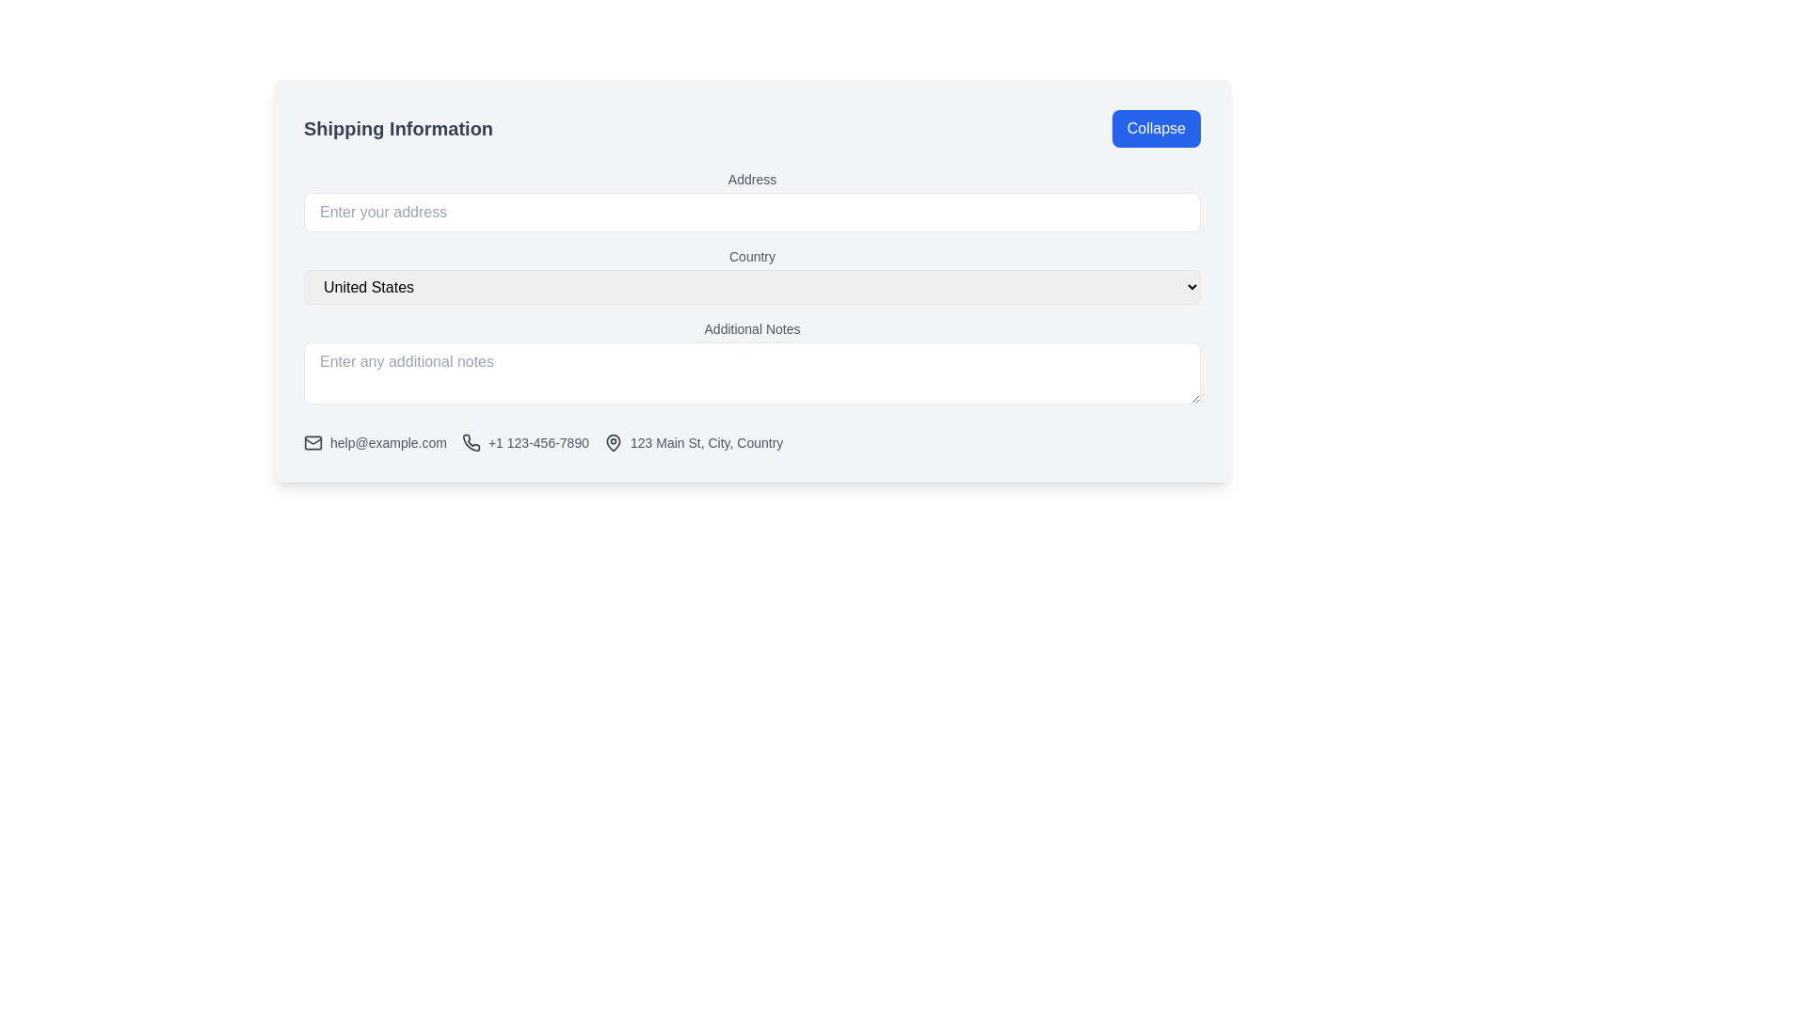 Image resolution: width=1807 pixels, height=1016 pixels. What do you see at coordinates (751, 328) in the screenshot?
I see `the Text label that provides context for the additional notes text area, located above the text area with the placeholder 'Enter any additional notes'` at bounding box center [751, 328].